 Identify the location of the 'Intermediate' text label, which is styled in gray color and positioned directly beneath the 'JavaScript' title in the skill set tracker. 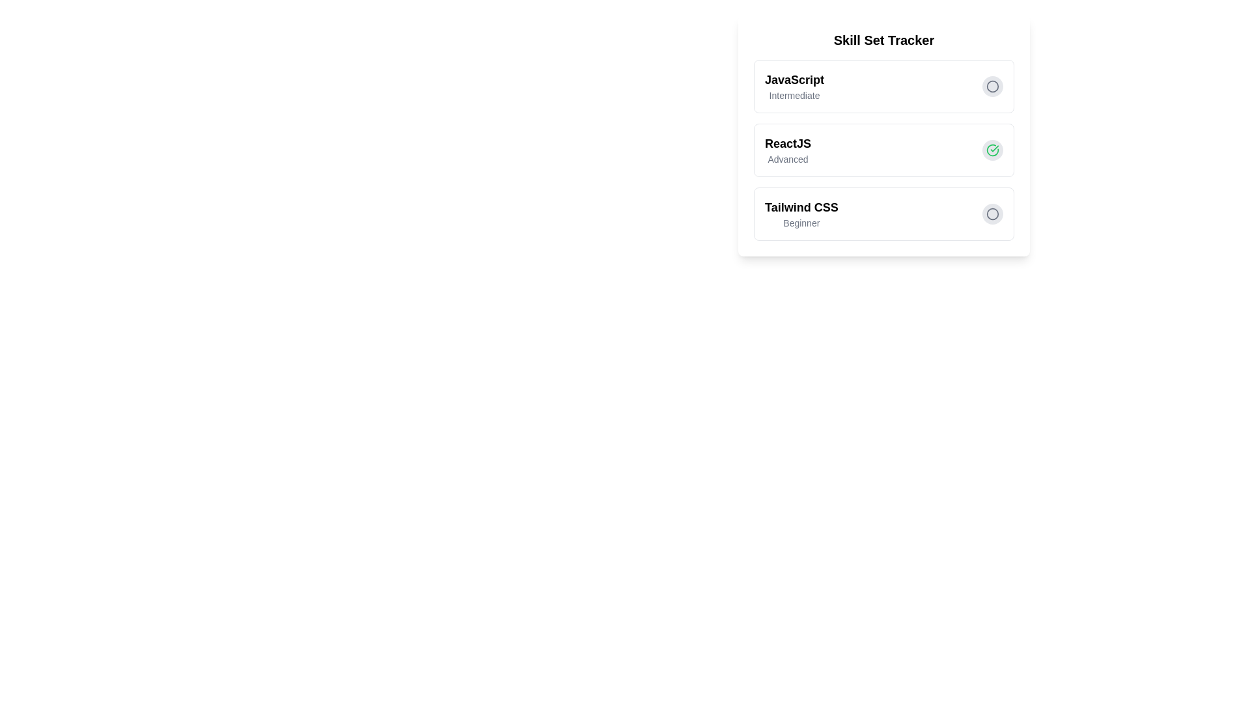
(794, 94).